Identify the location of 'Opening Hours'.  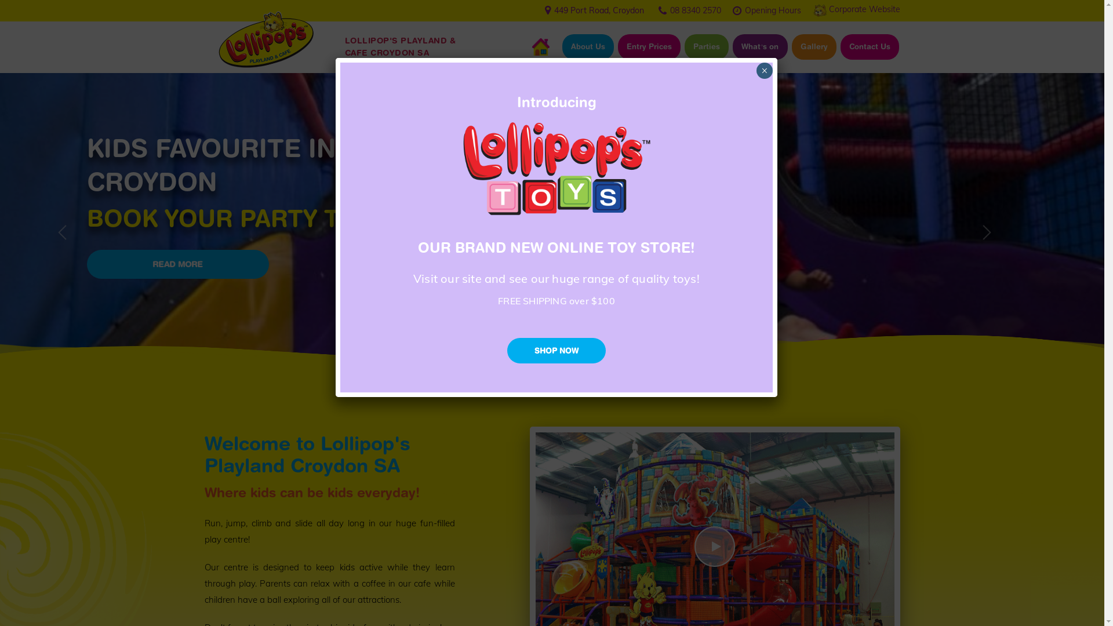
(744, 9).